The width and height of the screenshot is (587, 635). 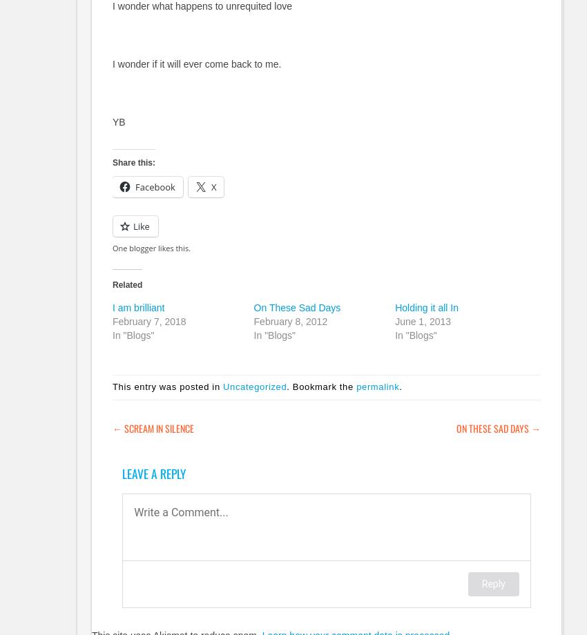 What do you see at coordinates (253, 387) in the screenshot?
I see `'Uncategorized'` at bounding box center [253, 387].